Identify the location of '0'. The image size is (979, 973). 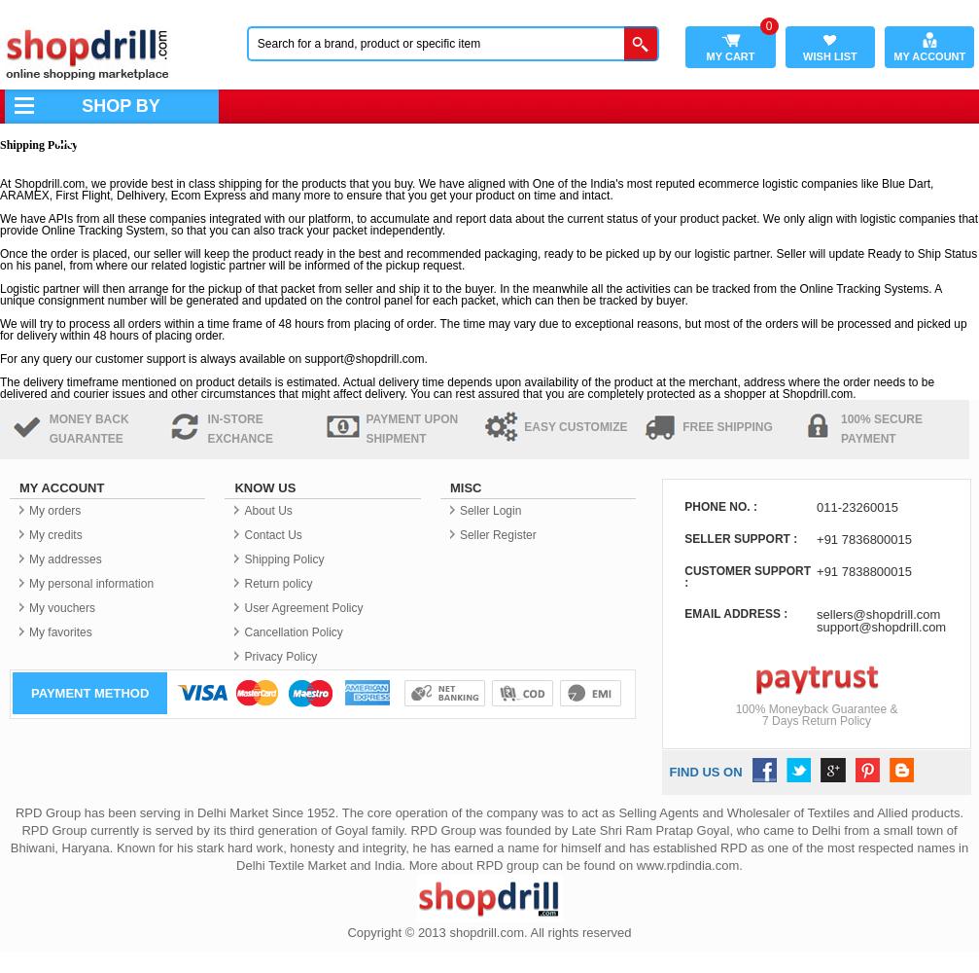
(767, 26).